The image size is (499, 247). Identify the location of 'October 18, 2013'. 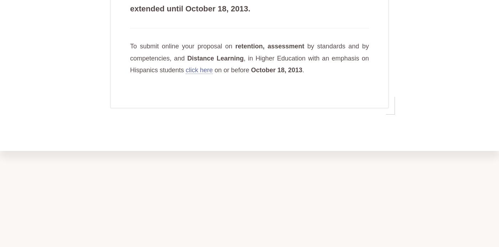
(251, 70).